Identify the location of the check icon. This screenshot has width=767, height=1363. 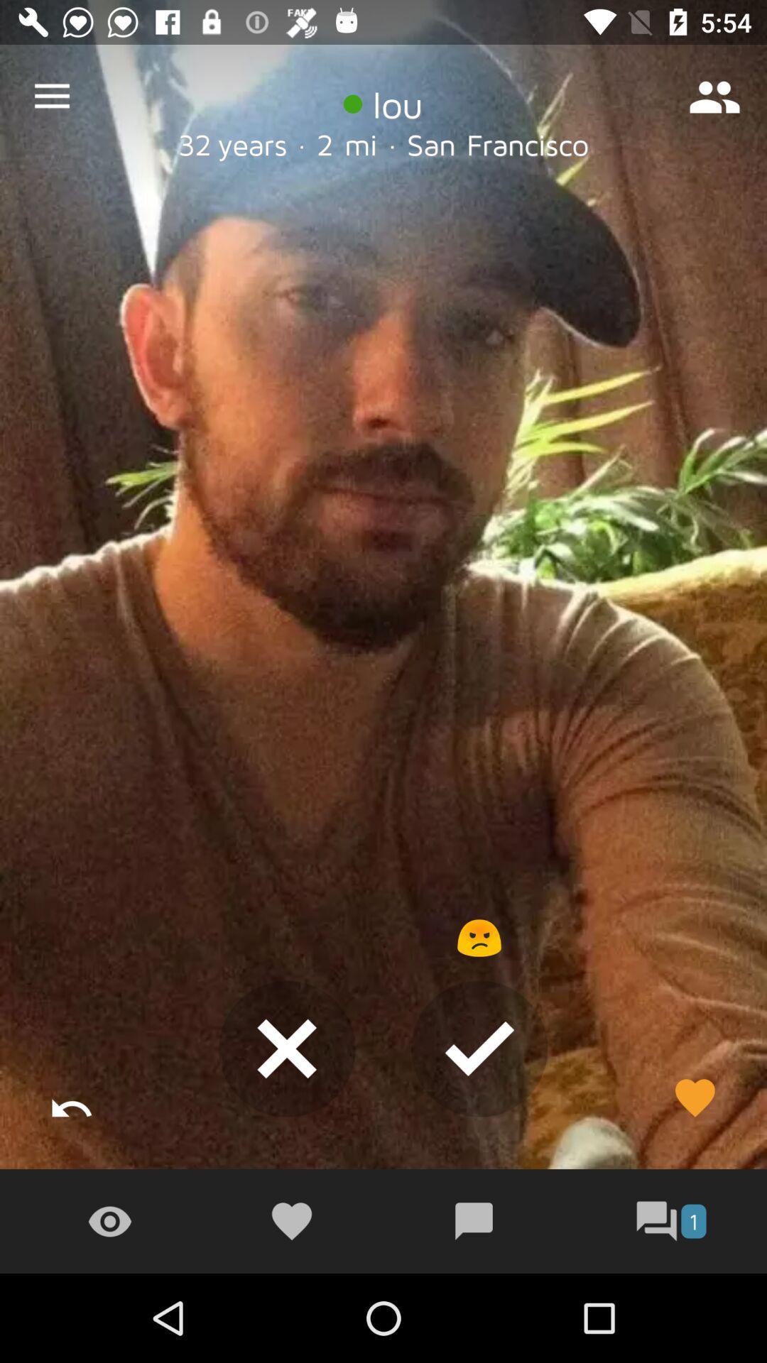
(479, 1049).